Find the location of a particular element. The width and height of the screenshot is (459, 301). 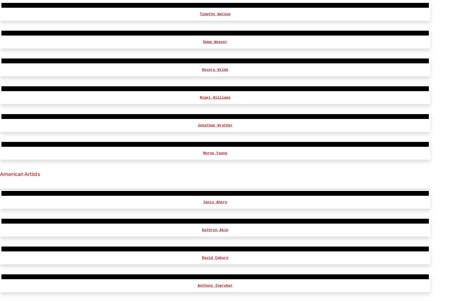

'Sandy Walsh' is located at coordinates (203, 248).